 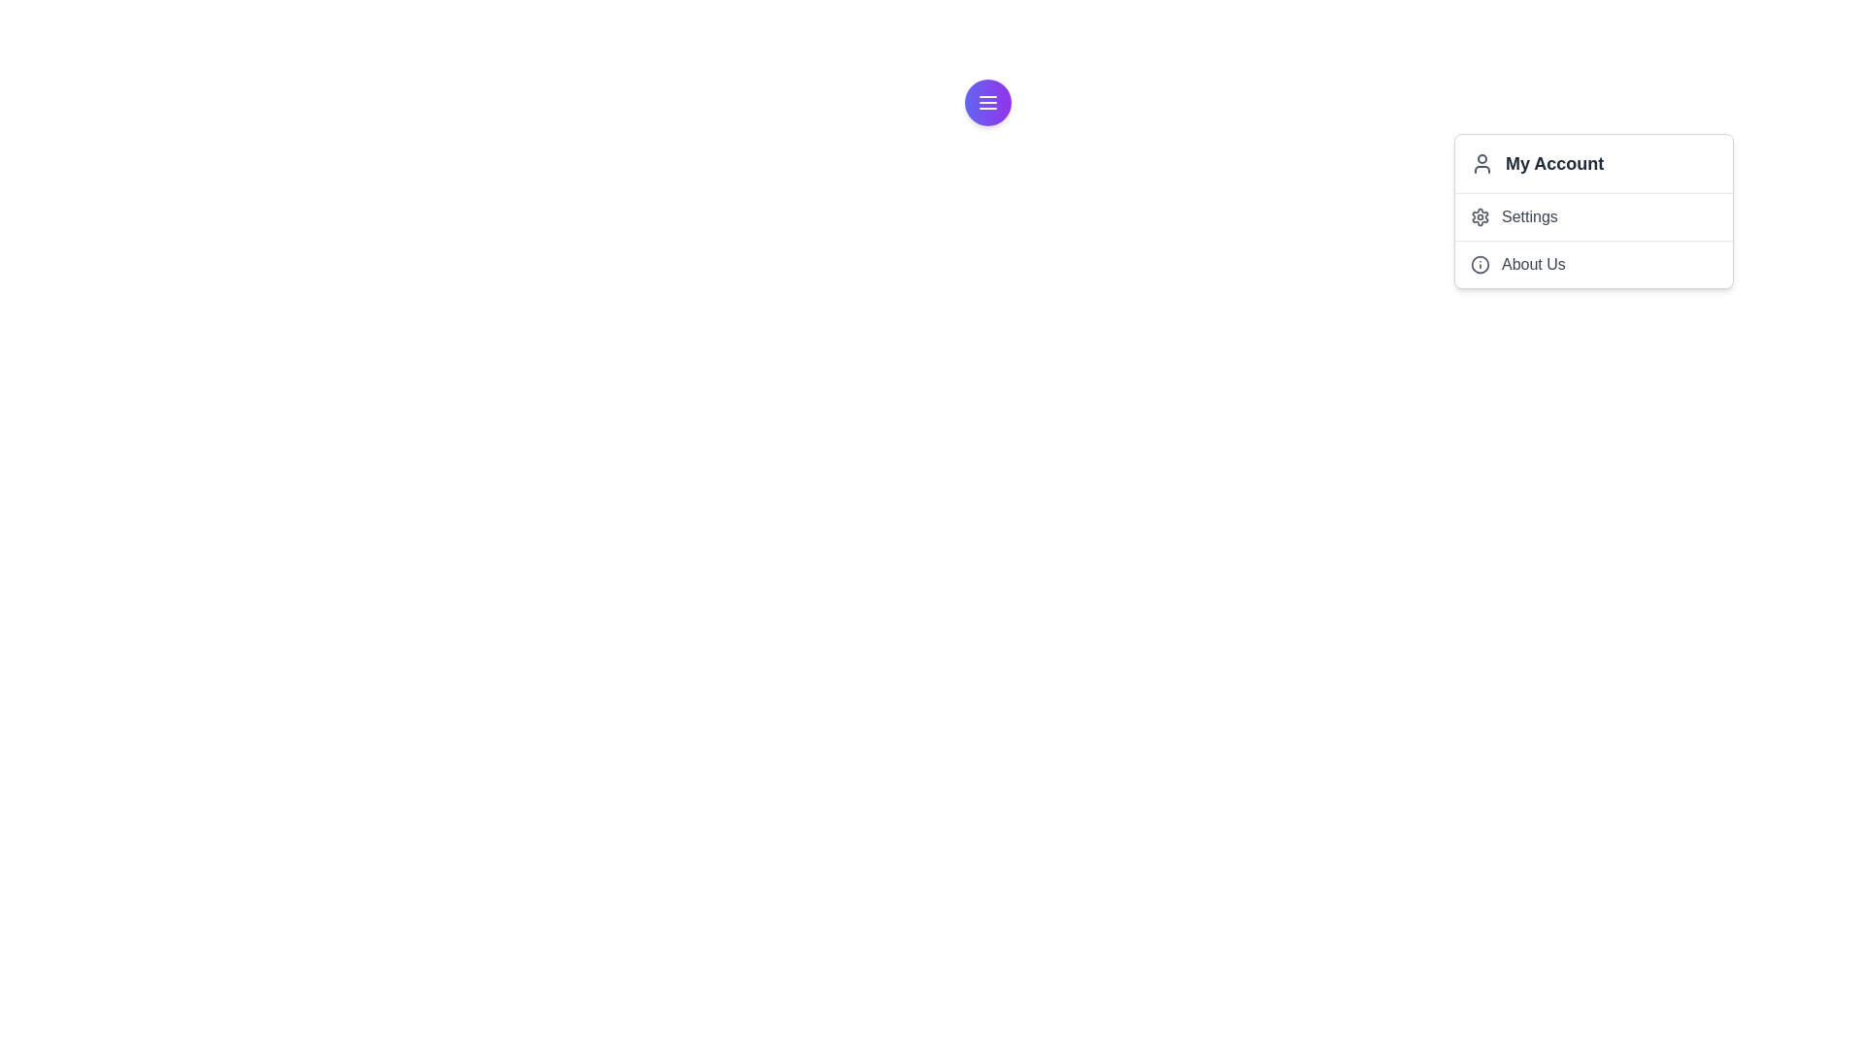 I want to click on the 'Settings' icon located in the dropdown menu under 'My Account', positioned to the left of the text 'Settings', so click(x=1480, y=216).